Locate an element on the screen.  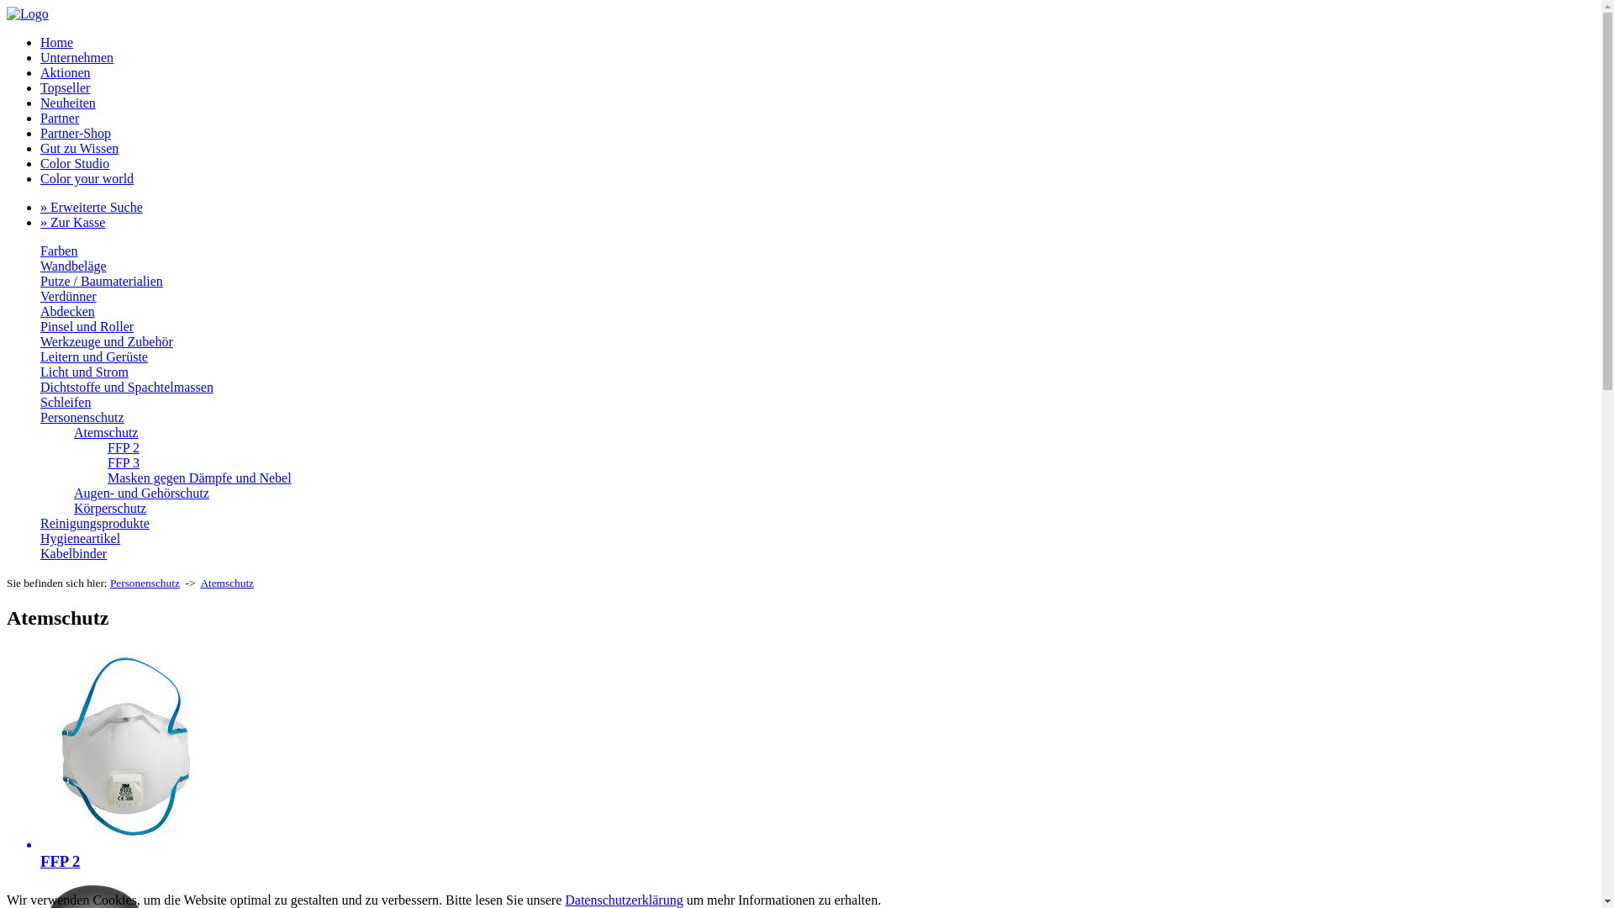
'Color Studio' is located at coordinates (74, 163).